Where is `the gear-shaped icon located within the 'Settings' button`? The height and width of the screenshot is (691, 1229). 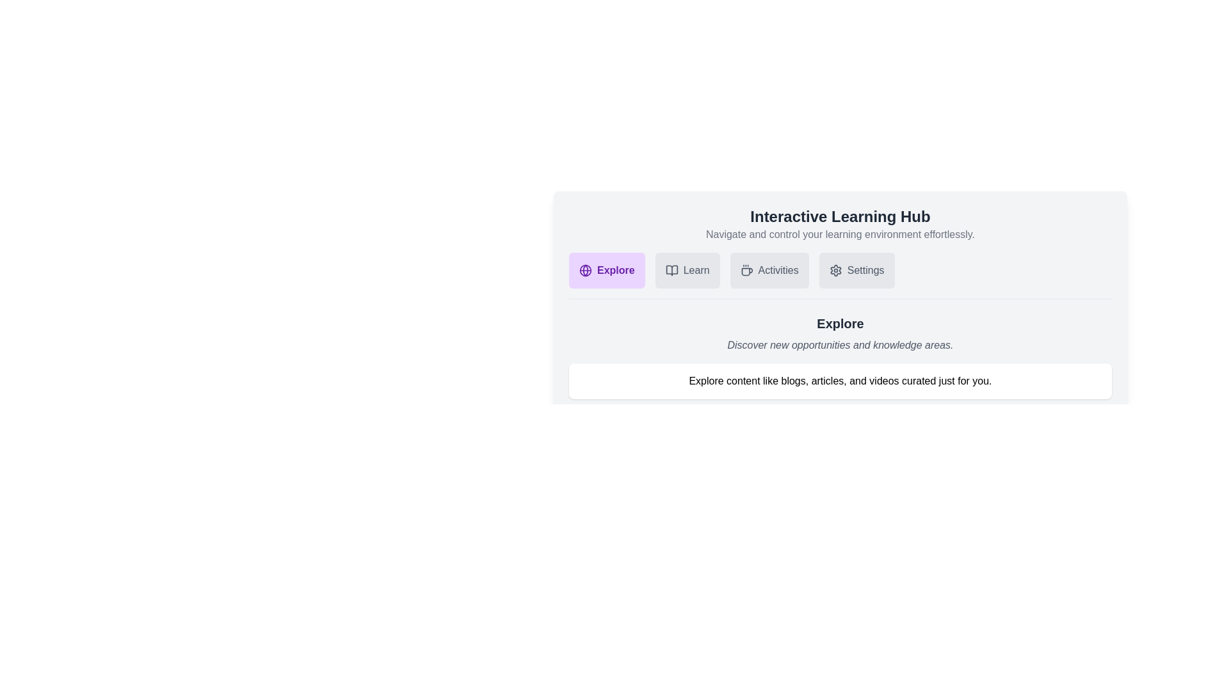
the gear-shaped icon located within the 'Settings' button is located at coordinates (835, 270).